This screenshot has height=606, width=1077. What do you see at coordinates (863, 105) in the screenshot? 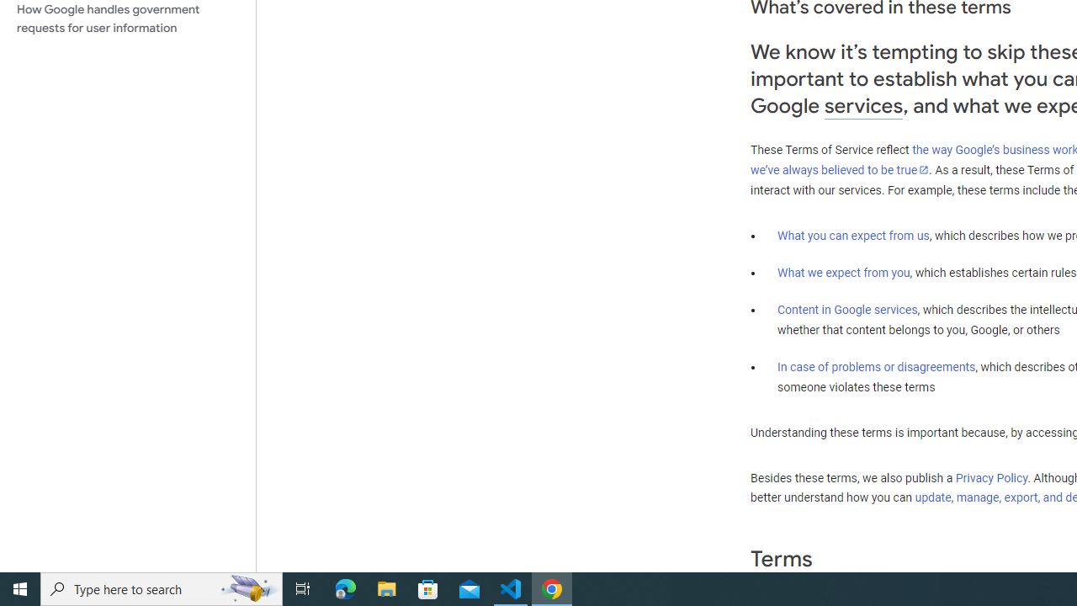
I see `'services'` at bounding box center [863, 105].